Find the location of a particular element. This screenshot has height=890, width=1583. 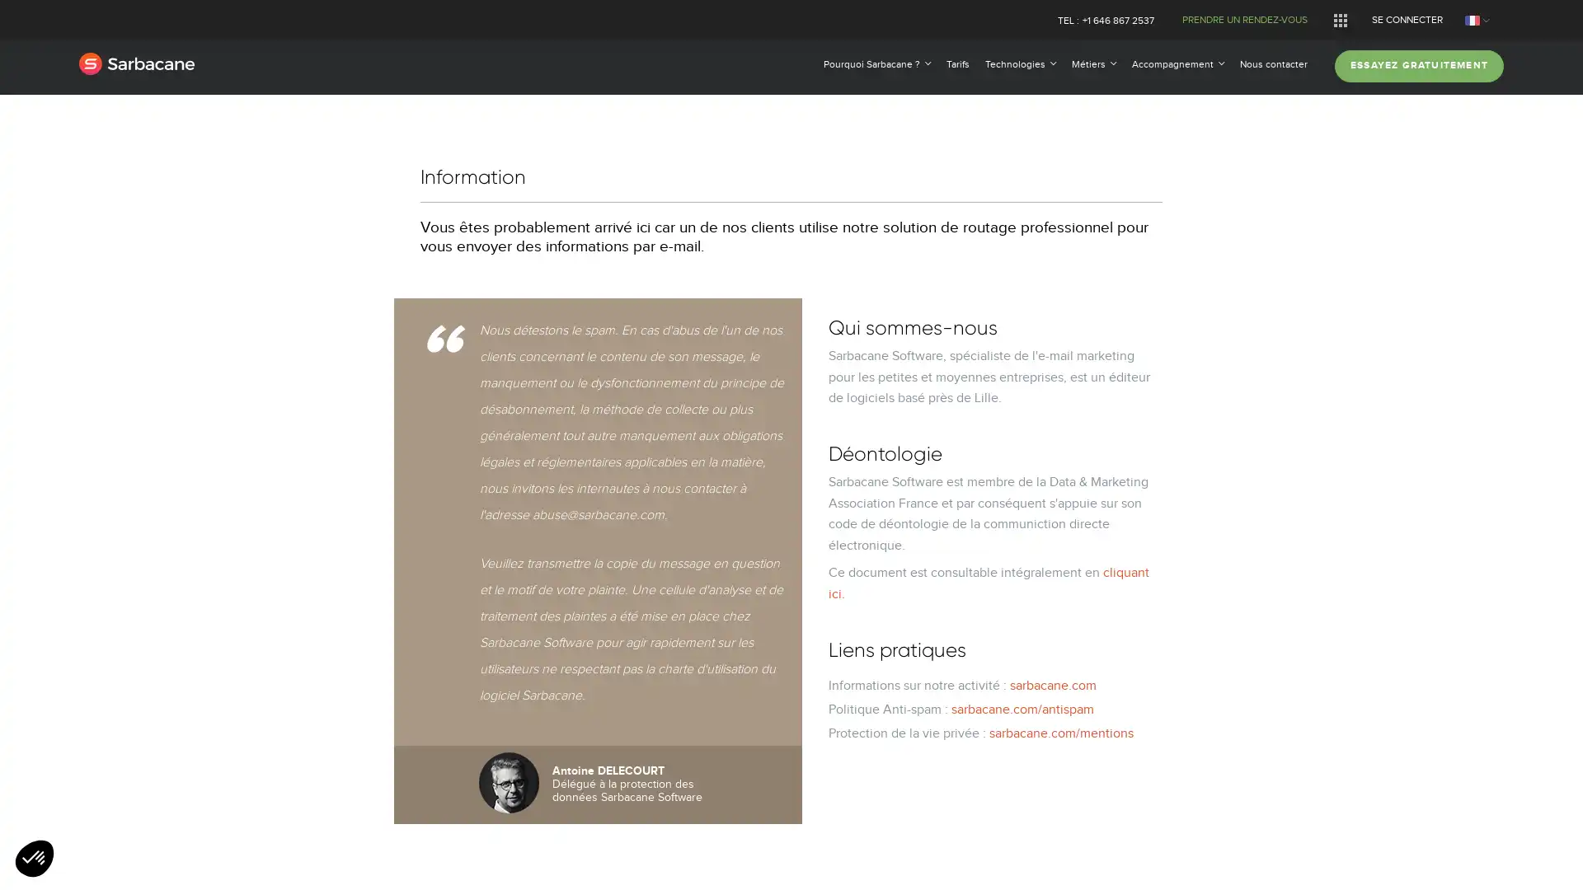

Je choisis is located at coordinates (791, 557).